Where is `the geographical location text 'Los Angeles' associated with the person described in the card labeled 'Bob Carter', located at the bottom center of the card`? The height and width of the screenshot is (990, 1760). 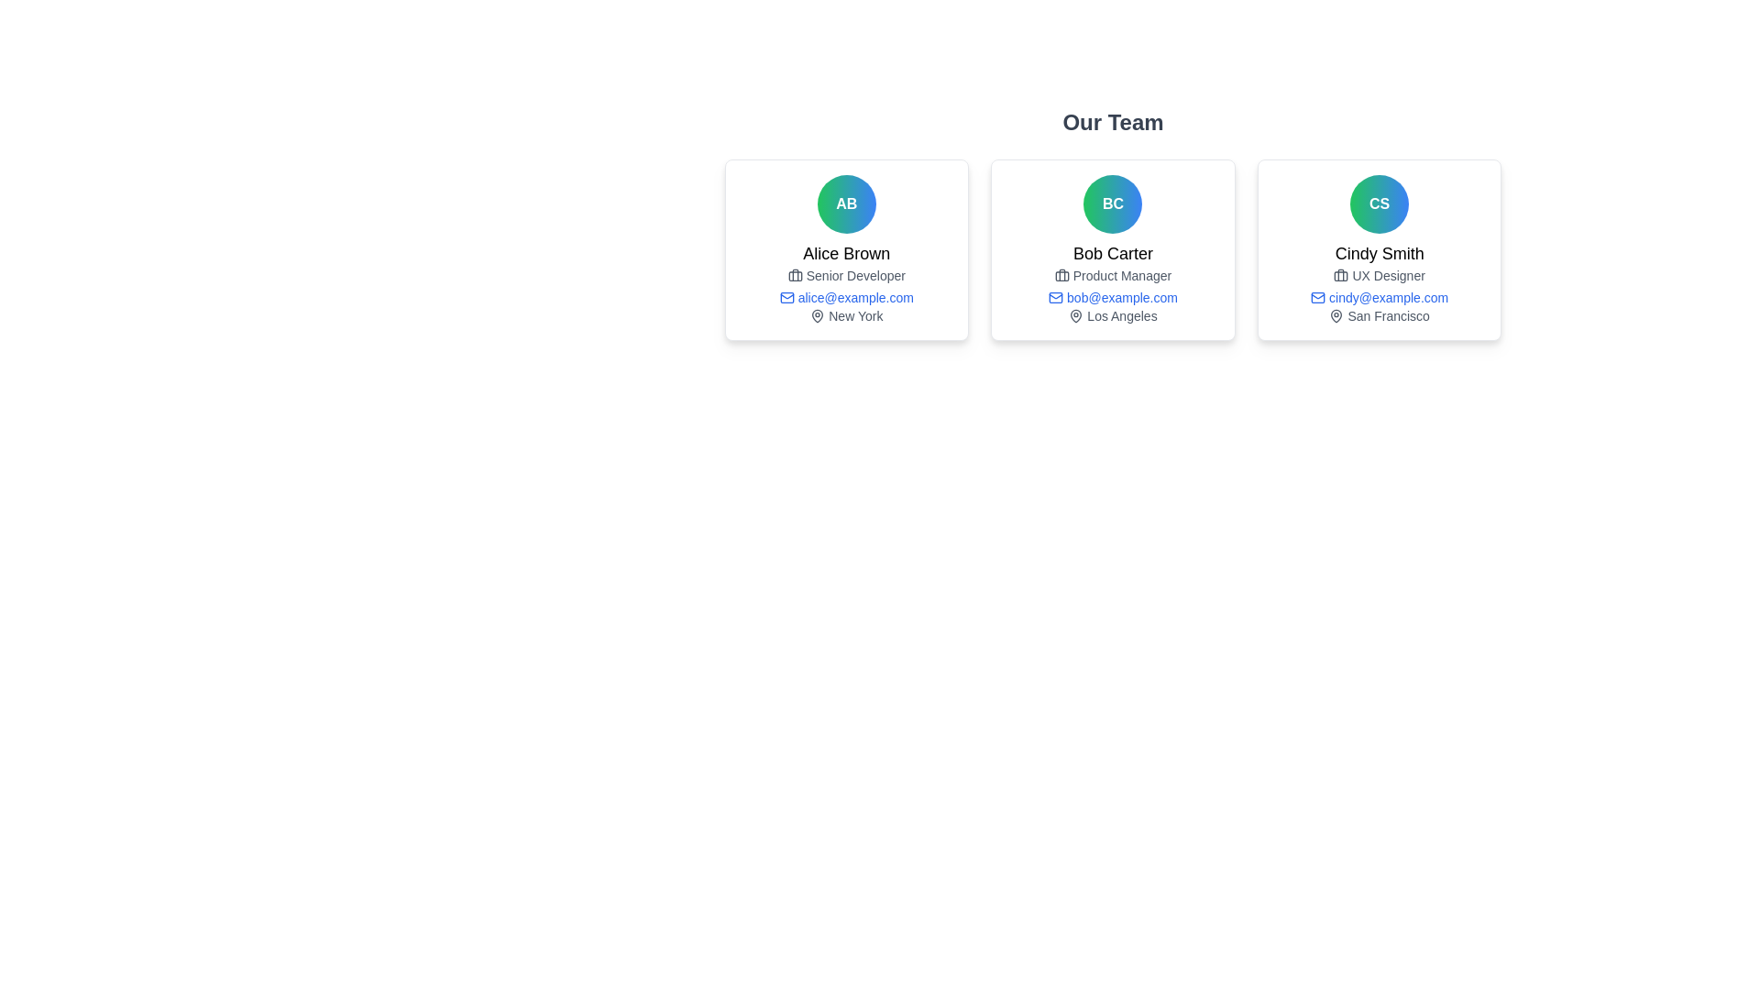
the geographical location text 'Los Angeles' associated with the person described in the card labeled 'Bob Carter', located at the bottom center of the card is located at coordinates (1112, 314).